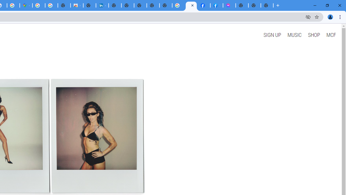 This screenshot has height=195, width=346. Describe the element at coordinates (26, 5) in the screenshot. I see `'Google Maps'` at that location.